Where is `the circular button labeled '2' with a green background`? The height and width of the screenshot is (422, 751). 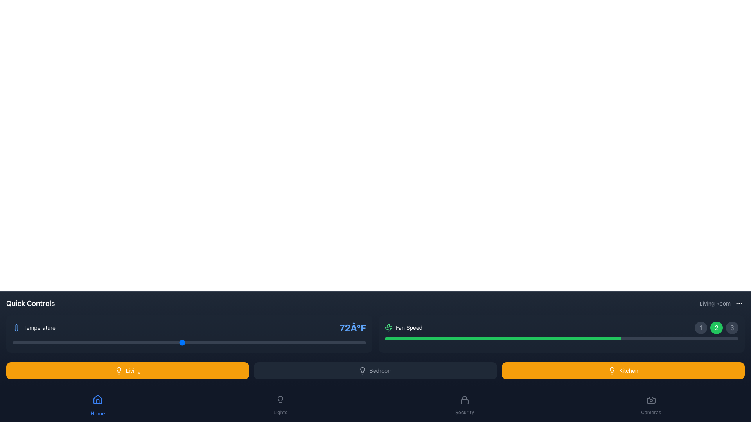
the circular button labeled '2' with a green background is located at coordinates (717, 328).